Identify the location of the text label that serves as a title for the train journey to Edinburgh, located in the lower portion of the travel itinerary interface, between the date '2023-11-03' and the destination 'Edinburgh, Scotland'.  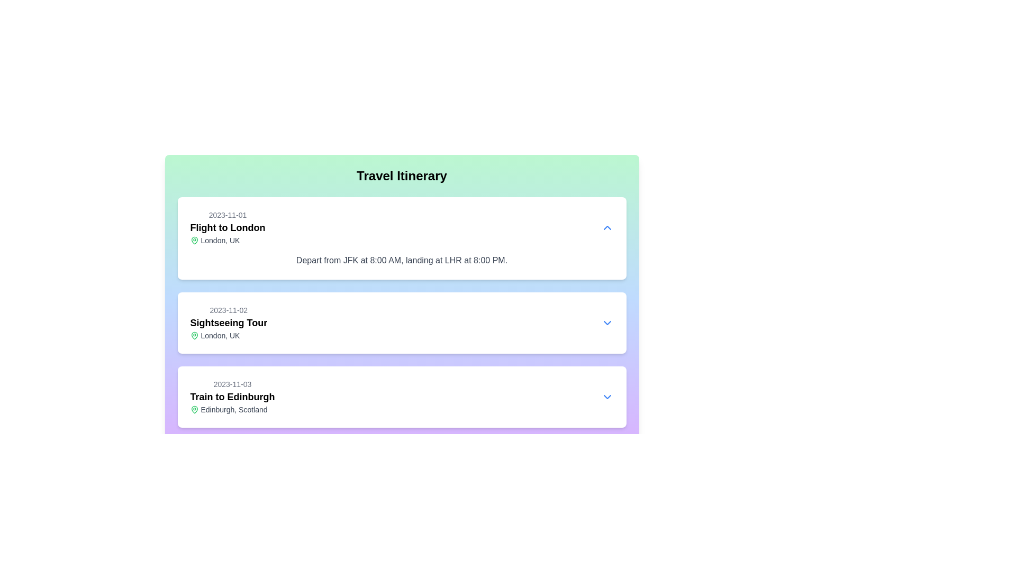
(232, 397).